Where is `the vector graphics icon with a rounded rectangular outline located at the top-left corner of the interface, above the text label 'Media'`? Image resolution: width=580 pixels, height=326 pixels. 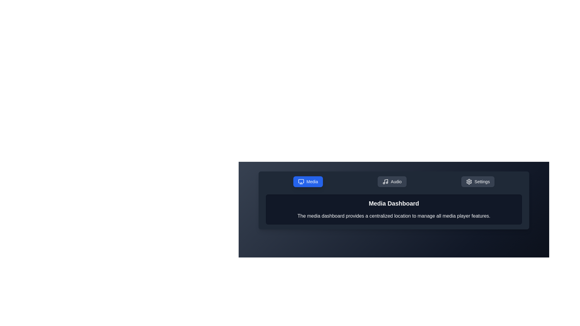
the vector graphics icon with a rounded rectangular outline located at the top-left corner of the interface, above the text label 'Media' is located at coordinates (301, 181).